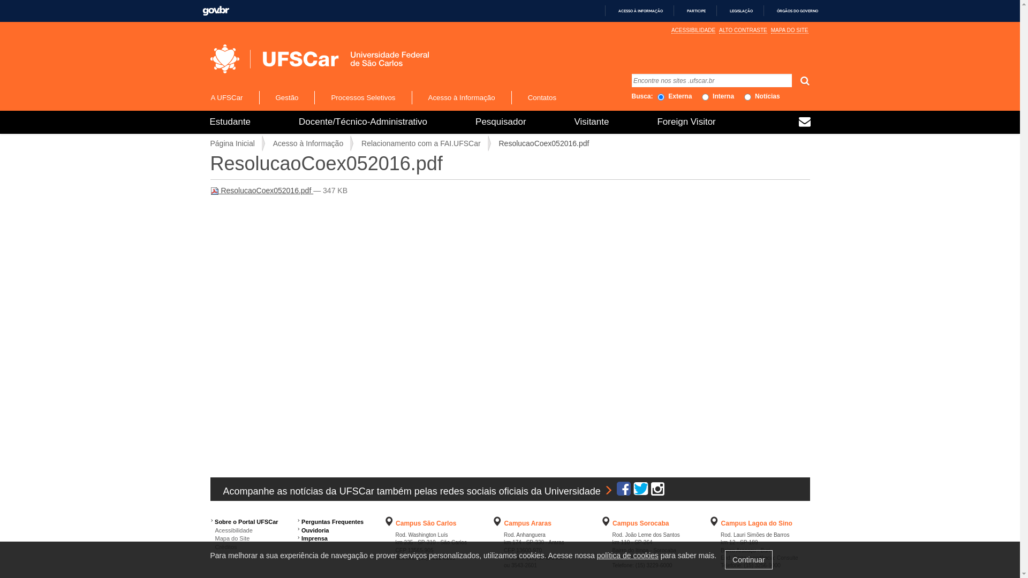  Describe the element at coordinates (215, 10) in the screenshot. I see `'GOVBR'` at that location.